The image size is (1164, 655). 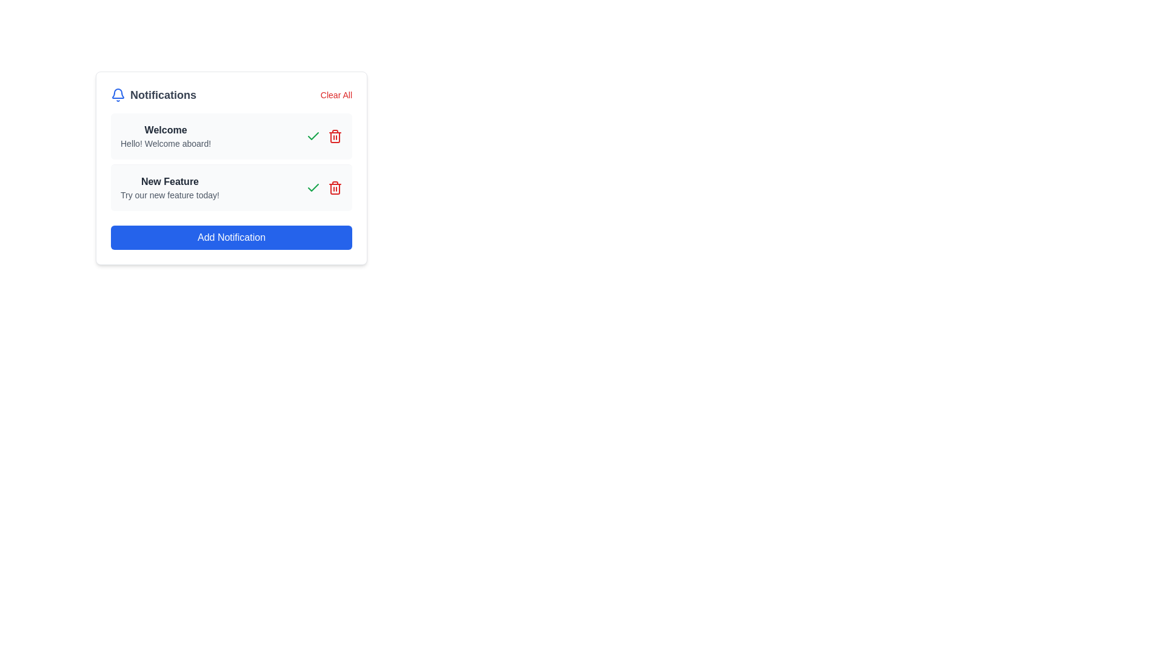 What do you see at coordinates (313, 187) in the screenshot?
I see `the green checkmark icon that represents a completion or approval action, located to the right of 'New Feature' and above the red trash icon in the notification list` at bounding box center [313, 187].